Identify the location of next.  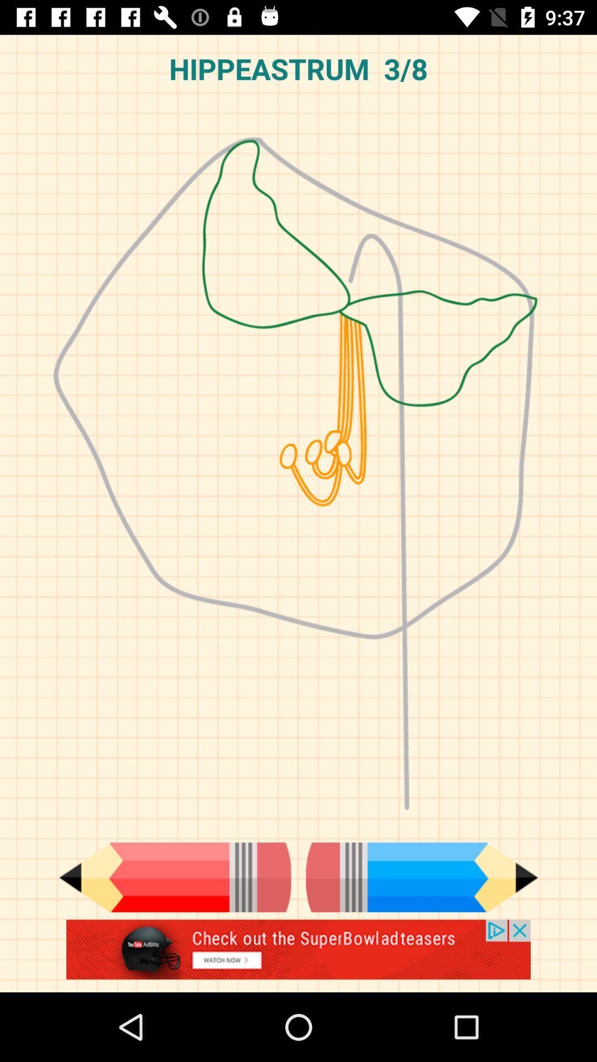
(422, 877).